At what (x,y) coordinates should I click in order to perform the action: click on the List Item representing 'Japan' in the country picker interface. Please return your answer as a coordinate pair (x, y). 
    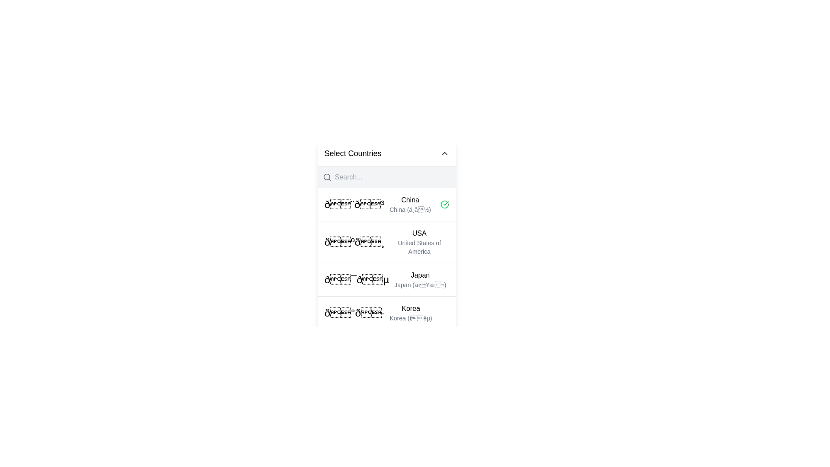
    Looking at the image, I should click on (385, 280).